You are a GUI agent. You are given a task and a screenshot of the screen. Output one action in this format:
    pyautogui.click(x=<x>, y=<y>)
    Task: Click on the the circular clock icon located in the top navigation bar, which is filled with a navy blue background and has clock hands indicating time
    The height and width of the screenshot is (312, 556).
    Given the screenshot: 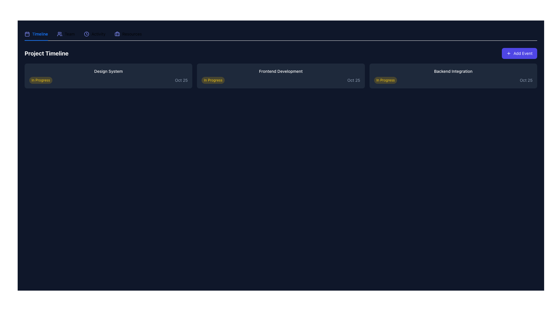 What is the action you would take?
    pyautogui.click(x=86, y=34)
    